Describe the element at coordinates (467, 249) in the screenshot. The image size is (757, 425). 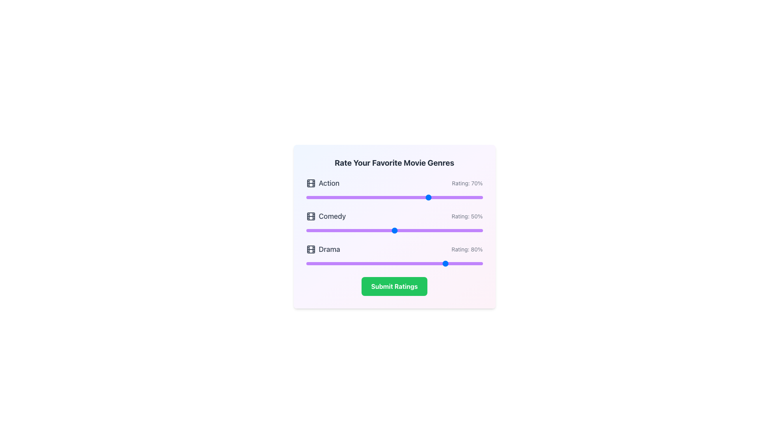
I see `the Text Label displaying 'Rating: 80%' located beside the 'Drama' slider in the bottom row of the vertical layout` at that location.